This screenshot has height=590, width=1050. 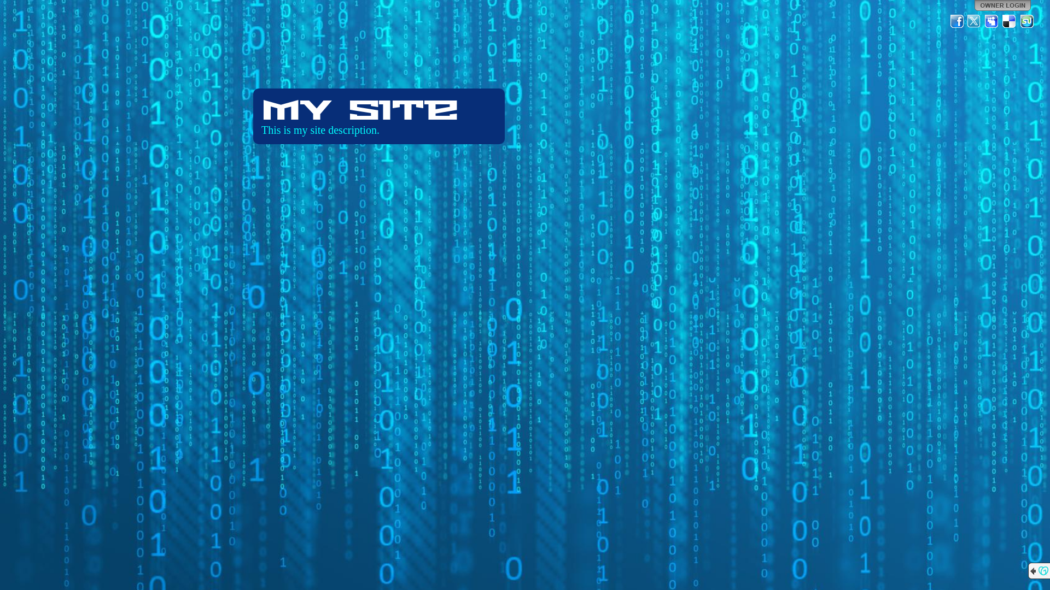 What do you see at coordinates (1026, 21) in the screenshot?
I see `'StumbleUpon'` at bounding box center [1026, 21].